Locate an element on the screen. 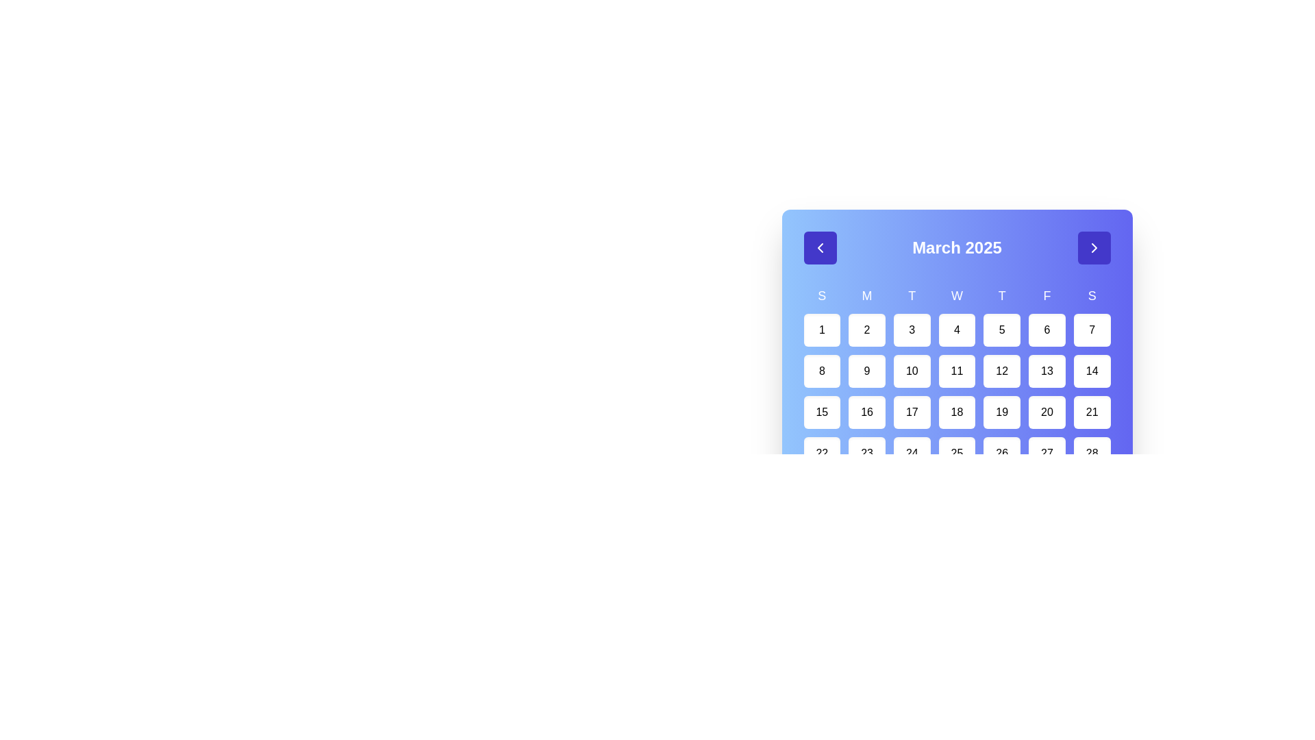 The width and height of the screenshot is (1315, 740). the 'M' text label representing Monday in the calendar grid, which is the second element in the top row of days is located at coordinates (866, 295).